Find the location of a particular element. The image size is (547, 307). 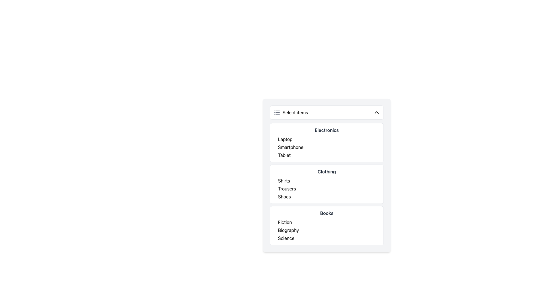

the 'Shirts' text label in the 'Clothing' category of the dropdown menu is located at coordinates (284, 181).